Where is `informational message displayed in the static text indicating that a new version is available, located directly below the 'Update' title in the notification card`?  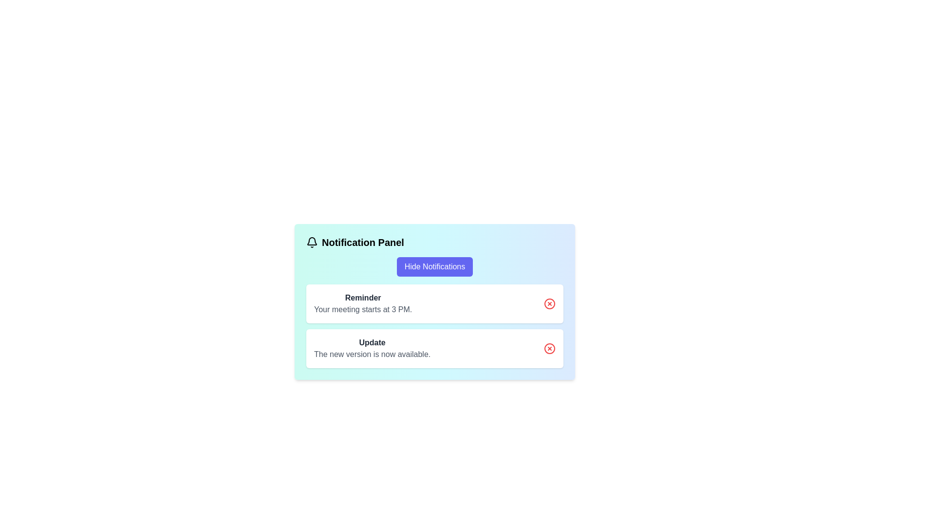 informational message displayed in the static text indicating that a new version is available, located directly below the 'Update' title in the notification card is located at coordinates (372, 355).